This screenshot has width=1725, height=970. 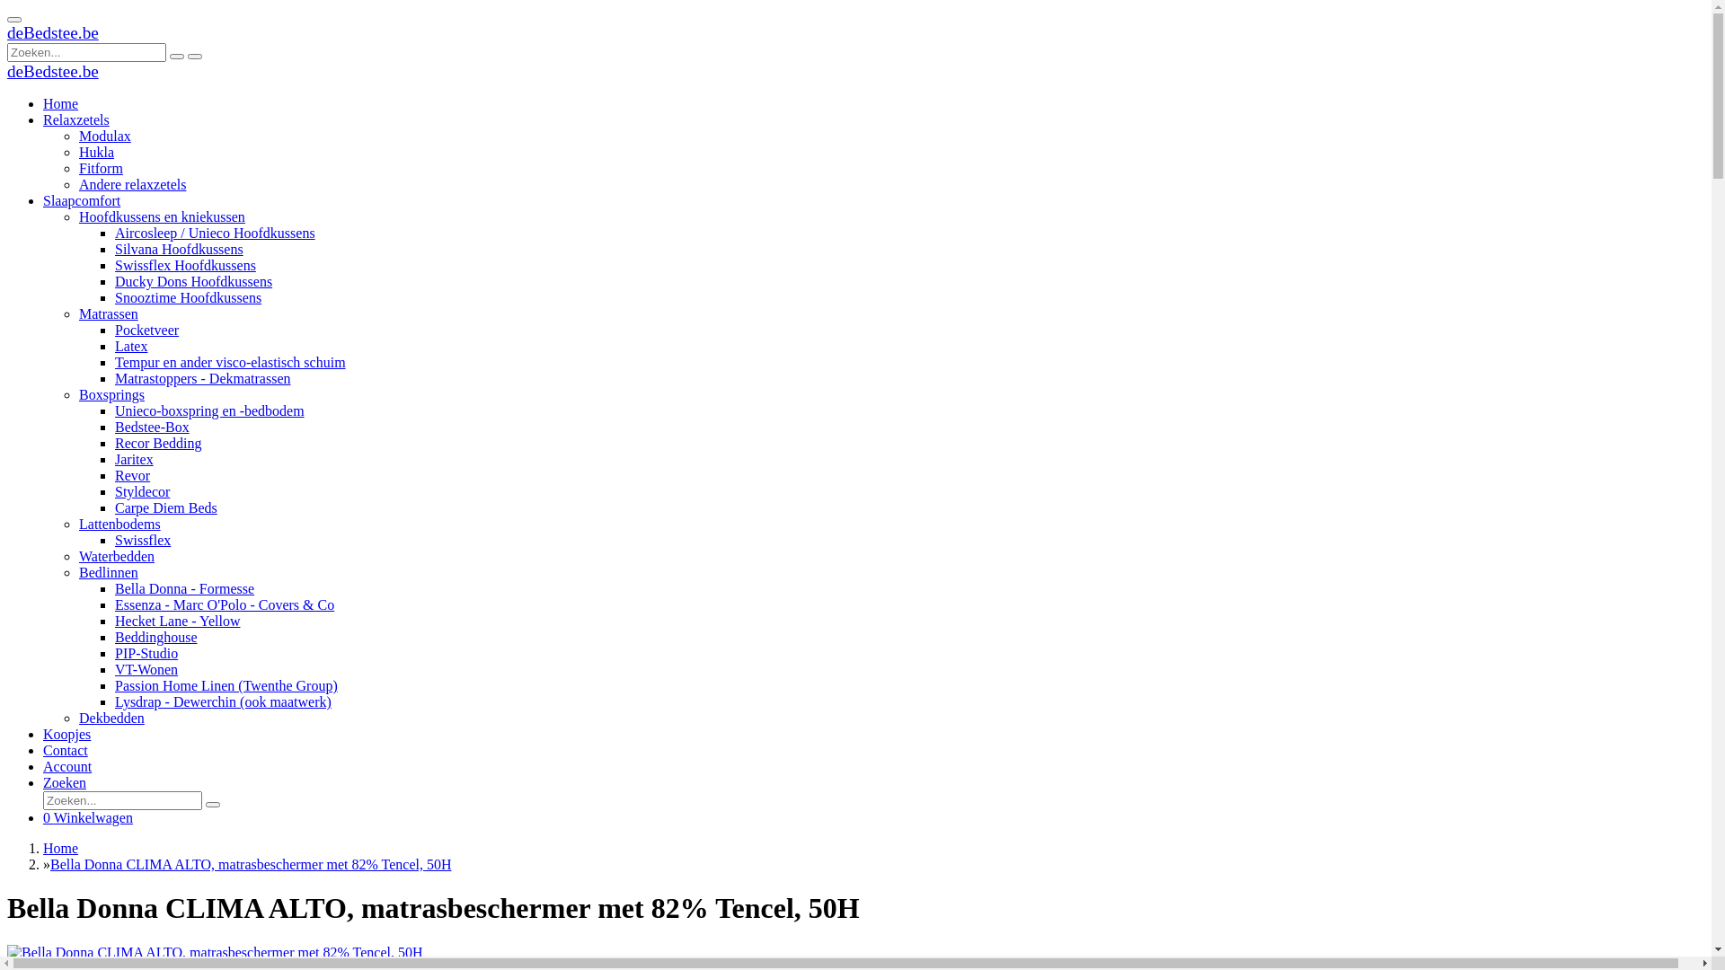 What do you see at coordinates (77, 572) in the screenshot?
I see `'Bedlinnen'` at bounding box center [77, 572].